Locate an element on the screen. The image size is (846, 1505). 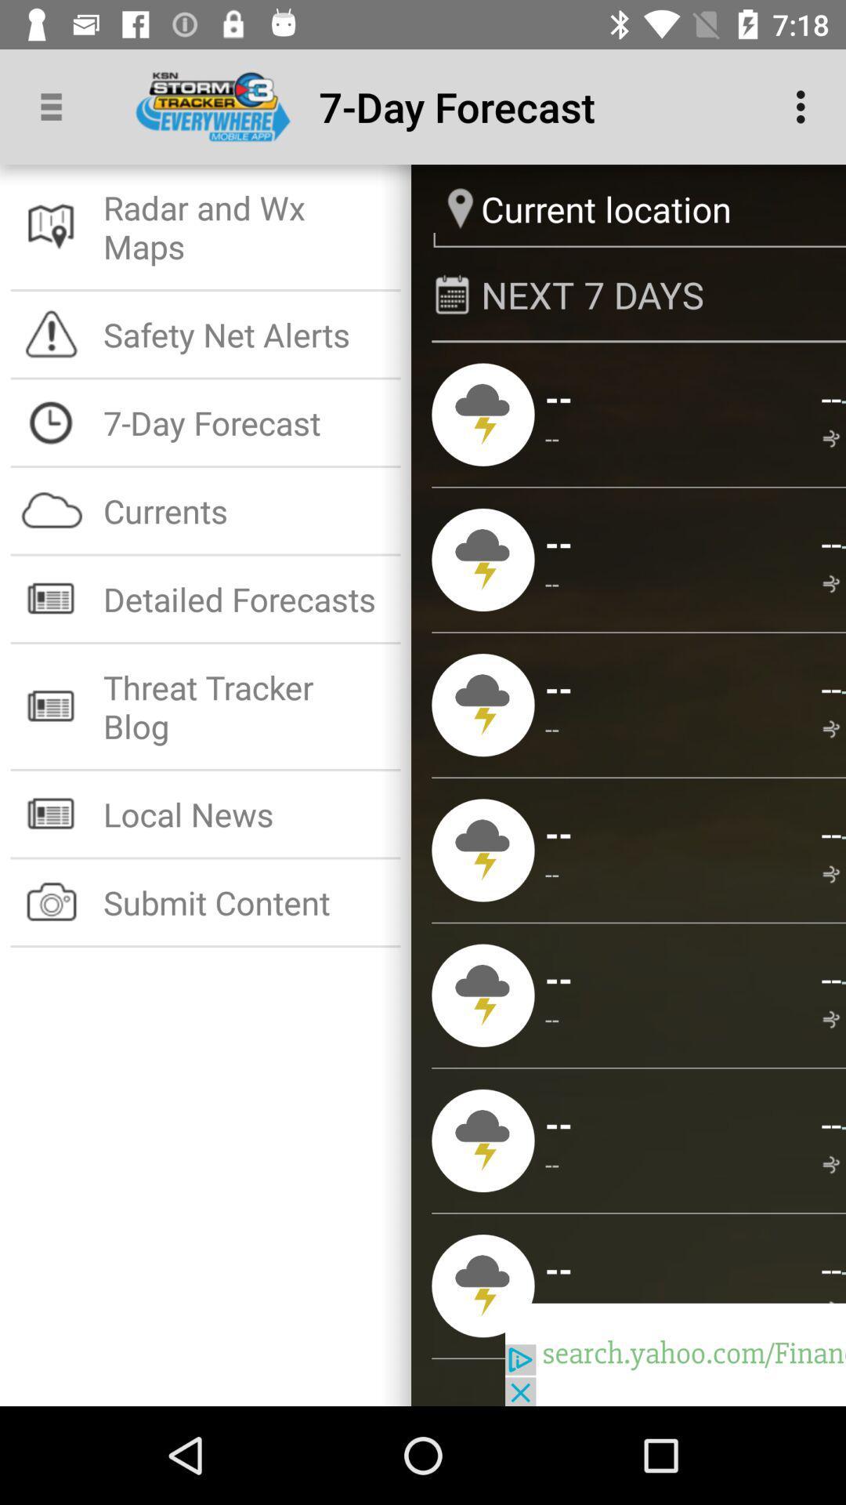
the 6th icon which is in the white background is located at coordinates (51, 705).